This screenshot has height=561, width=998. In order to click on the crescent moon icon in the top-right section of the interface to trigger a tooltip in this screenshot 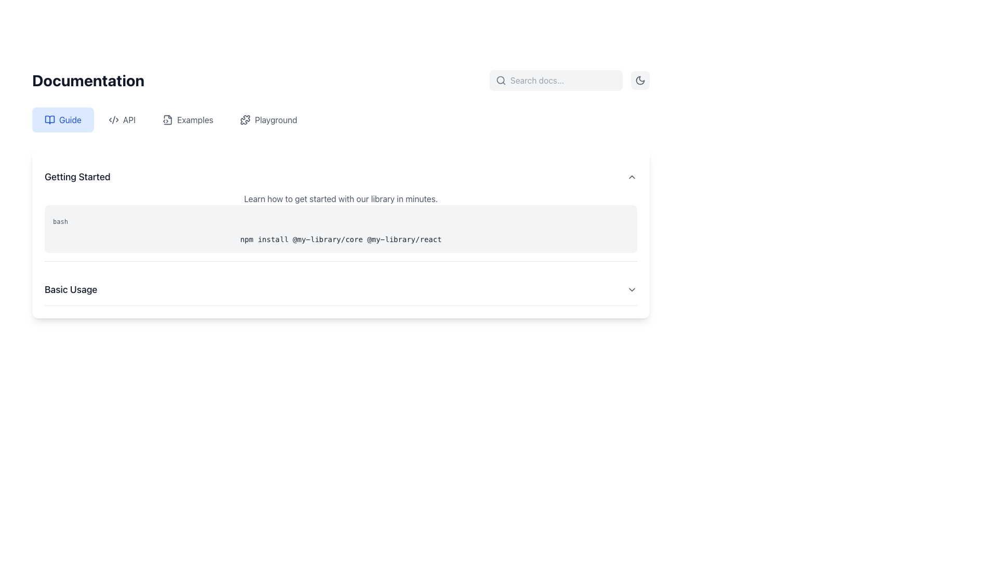, I will do `click(640, 79)`.